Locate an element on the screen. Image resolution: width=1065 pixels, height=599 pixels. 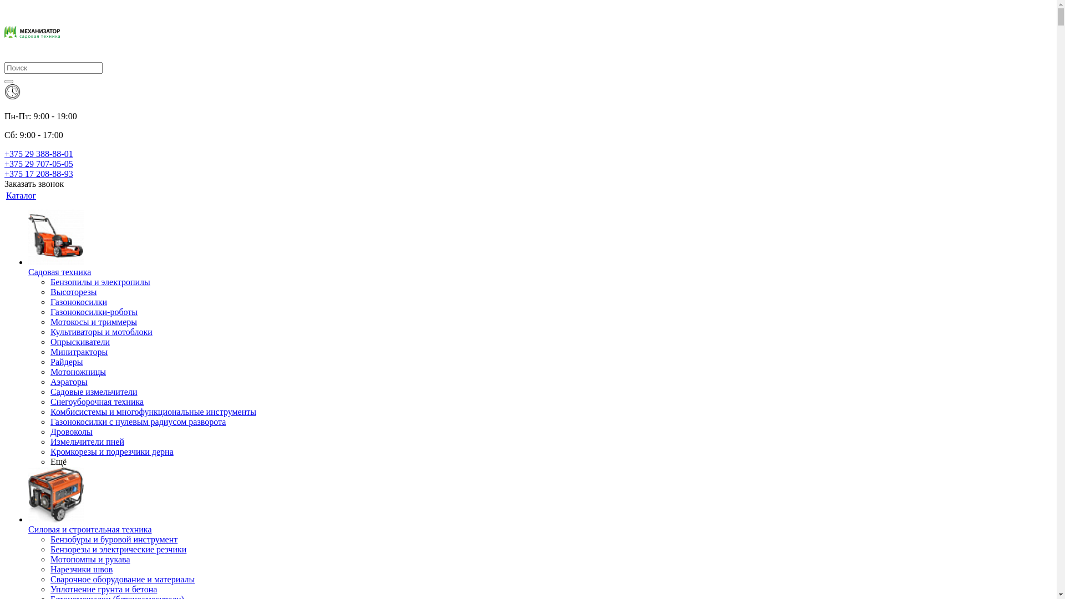
'+375 17 208-88-93' is located at coordinates (39, 174).